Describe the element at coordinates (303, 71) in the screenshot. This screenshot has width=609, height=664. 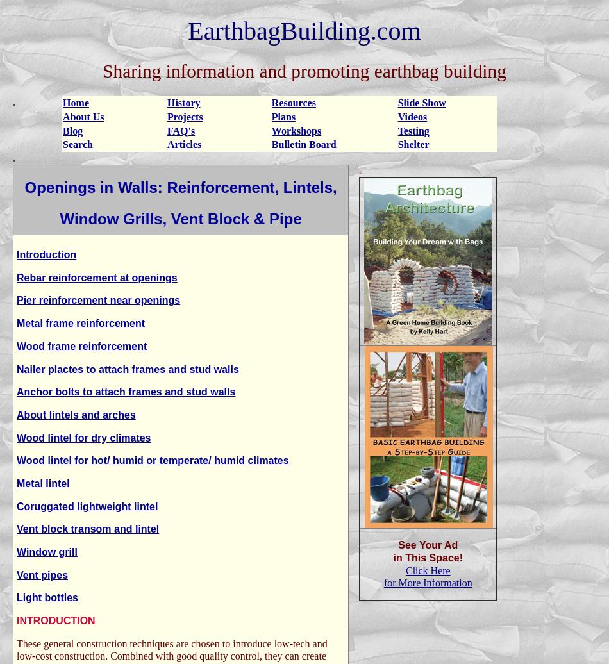
I see `'Sharing information and promoting  earthbag building'` at that location.